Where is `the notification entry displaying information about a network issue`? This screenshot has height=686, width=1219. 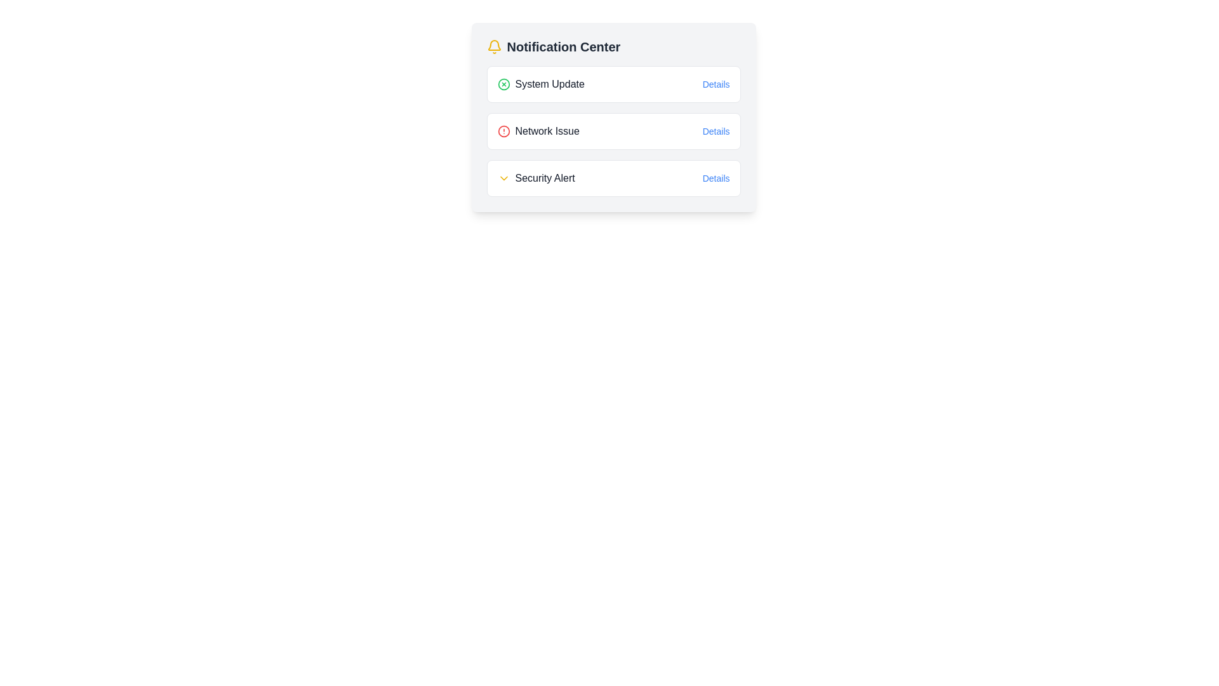 the notification entry displaying information about a network issue is located at coordinates (613, 118).